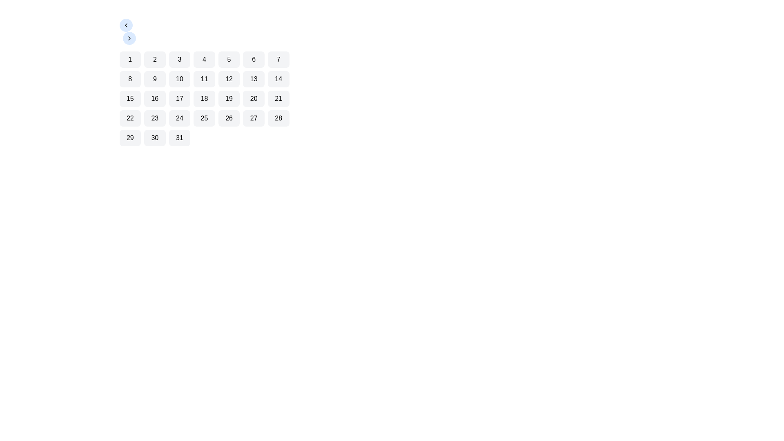  I want to click on the tile displaying the number '12' in bold, black font, located in the second row and fifth column of the grid, so click(229, 79).